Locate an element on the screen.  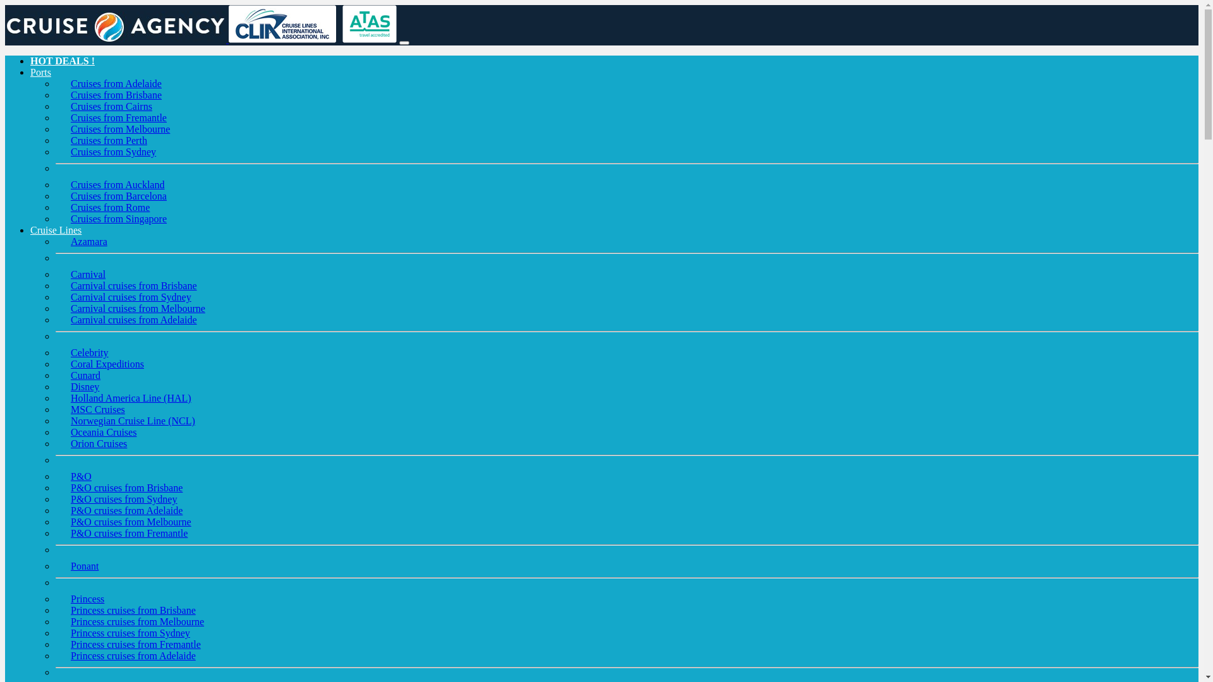
'MSC Cruises' is located at coordinates (54, 409).